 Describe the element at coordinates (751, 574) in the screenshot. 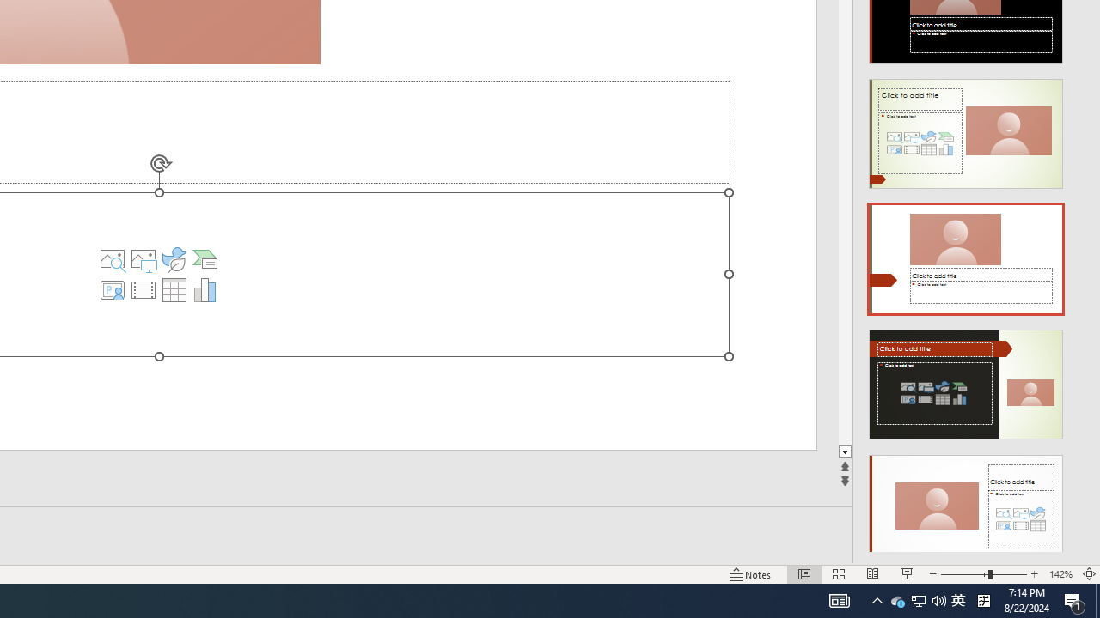

I see `'Notes '` at that location.